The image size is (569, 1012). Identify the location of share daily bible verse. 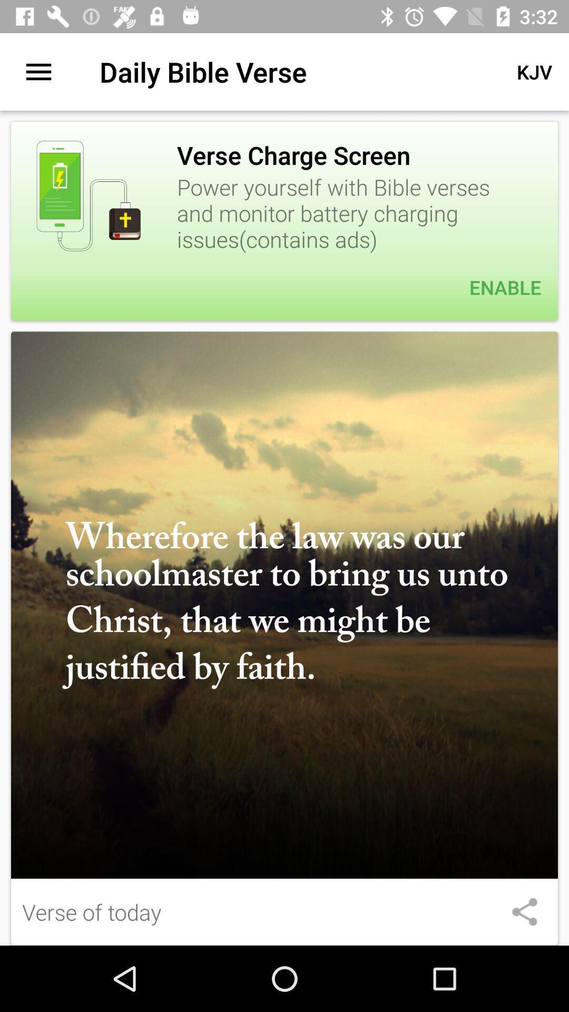
(524, 911).